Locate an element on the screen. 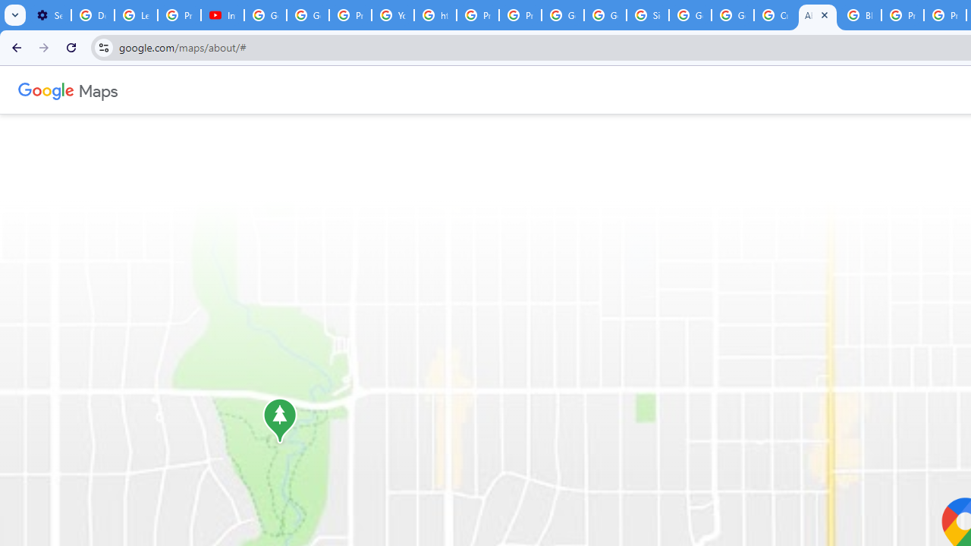  'Learn how to find your photos - Google Photos Help' is located at coordinates (136, 15).